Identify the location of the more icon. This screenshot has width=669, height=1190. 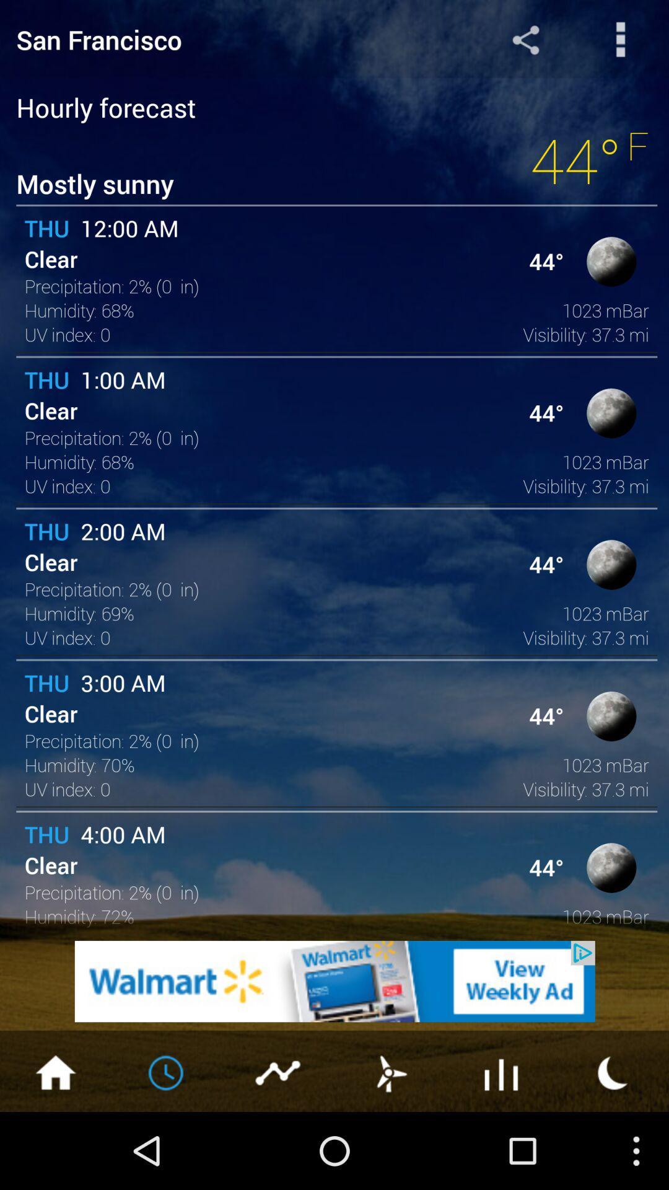
(621, 42).